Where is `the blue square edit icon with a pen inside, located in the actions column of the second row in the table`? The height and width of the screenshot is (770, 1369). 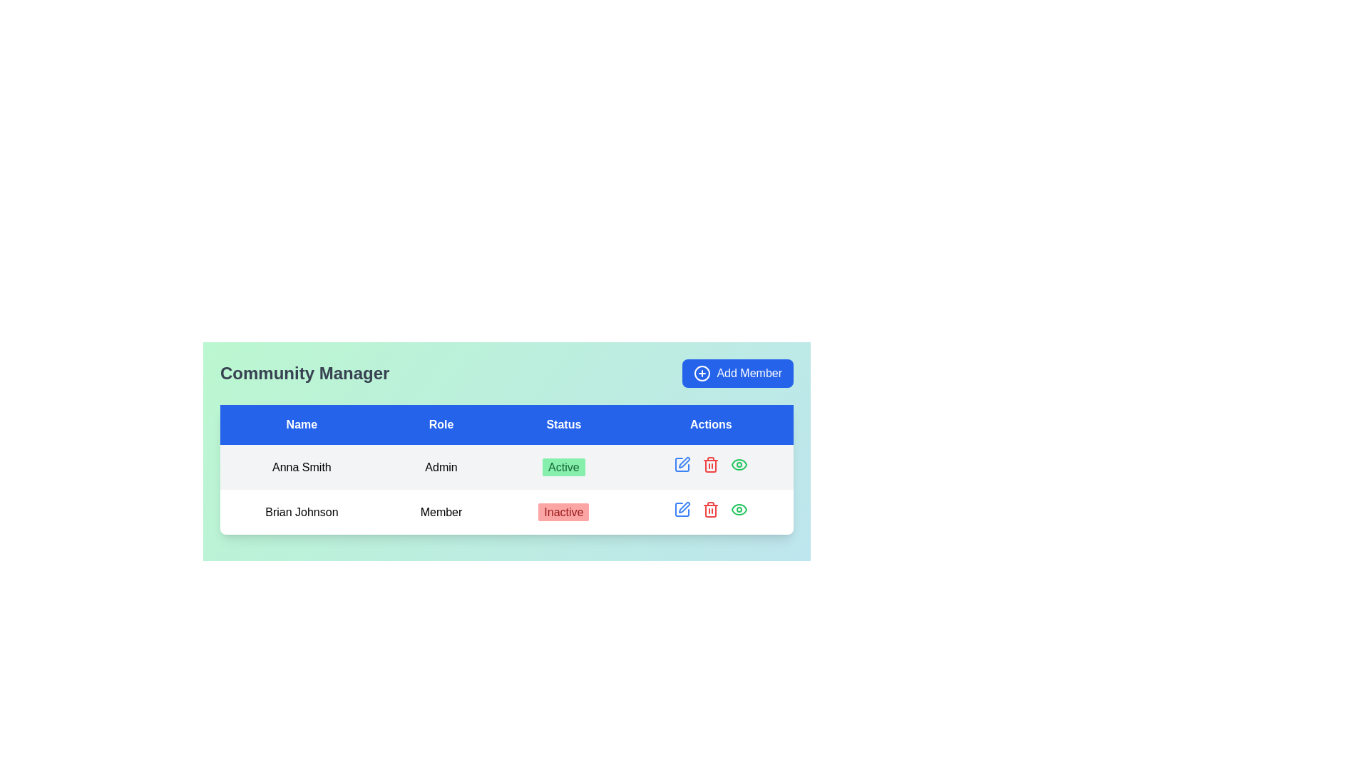
the blue square edit icon with a pen inside, located in the actions column of the second row in the table is located at coordinates (682, 508).